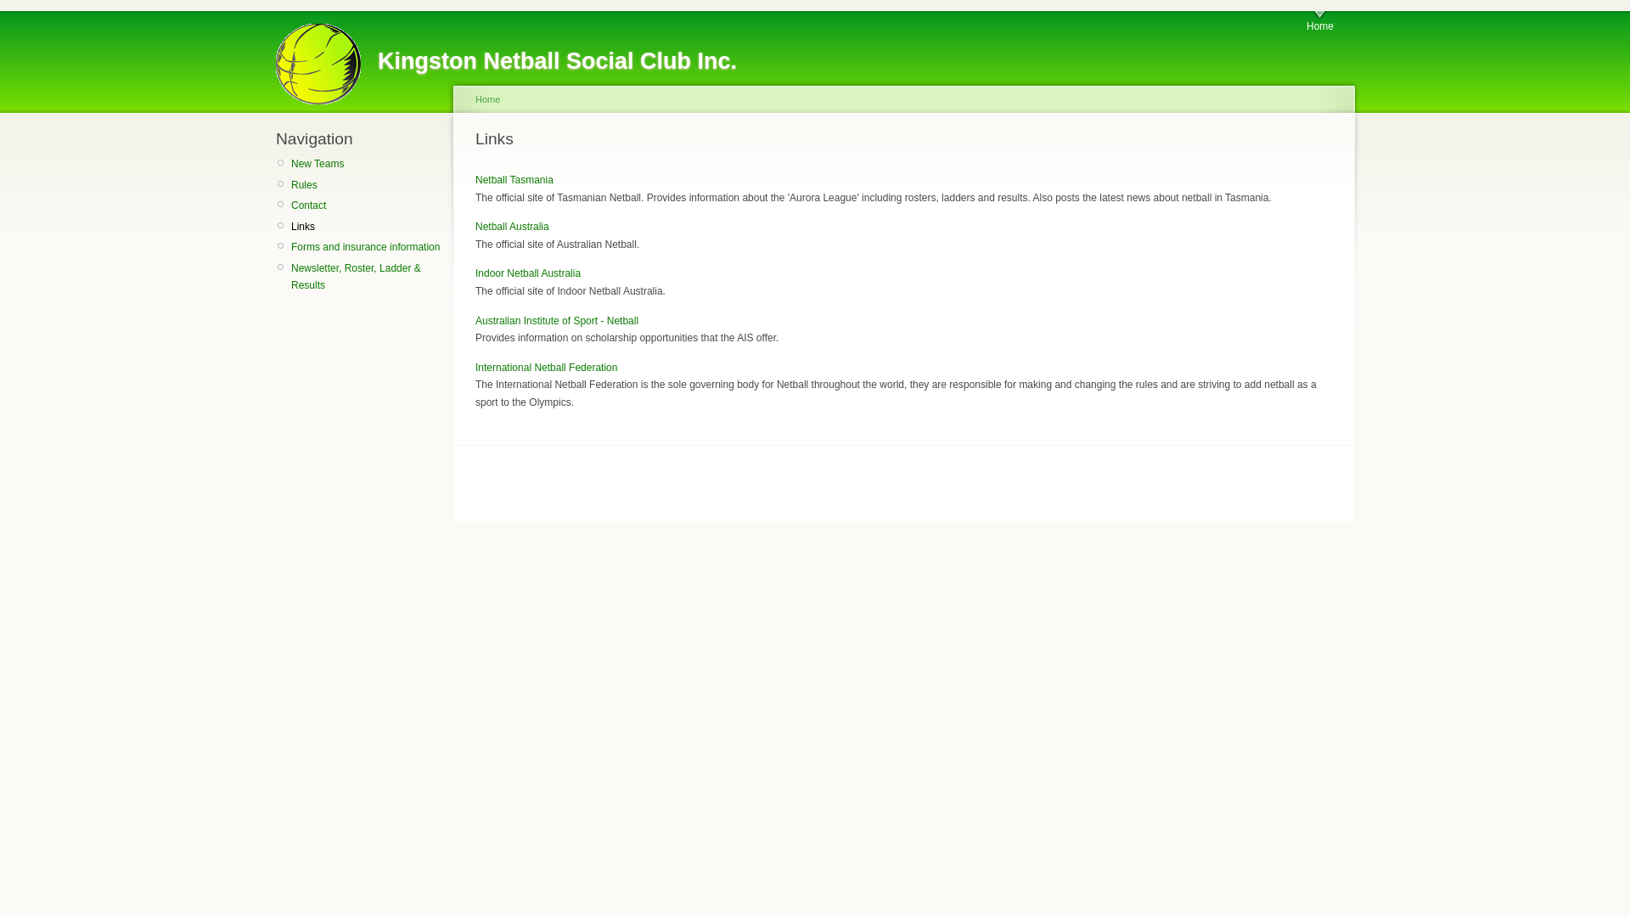  What do you see at coordinates (365, 163) in the screenshot?
I see `'New Teams'` at bounding box center [365, 163].